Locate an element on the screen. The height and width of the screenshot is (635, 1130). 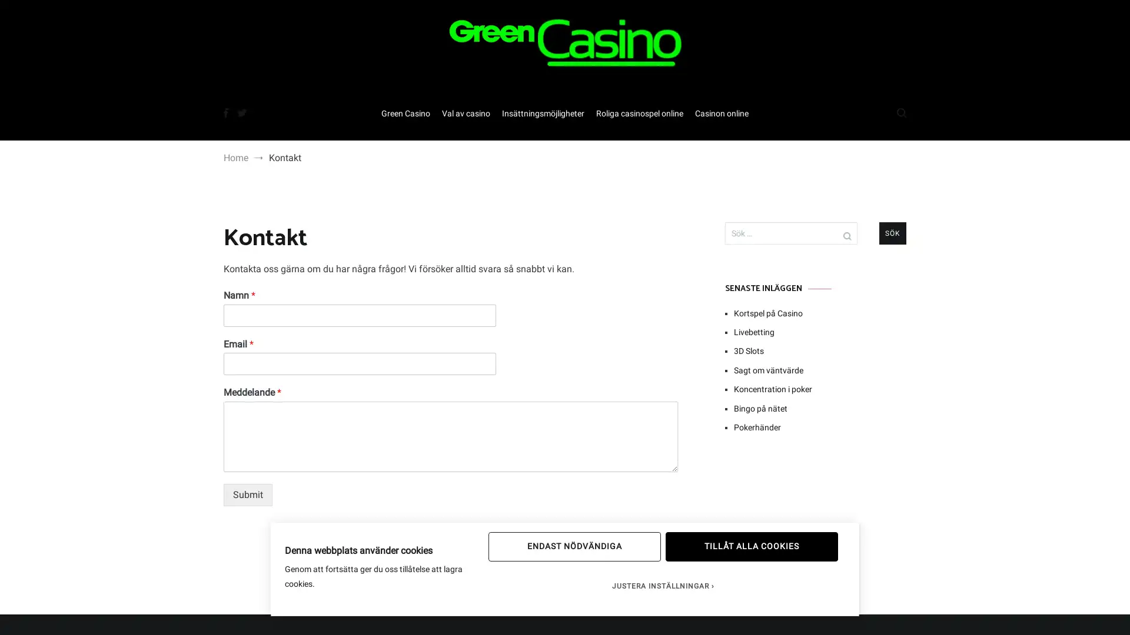
TILLAT ALLA COOKIES is located at coordinates (750, 546).